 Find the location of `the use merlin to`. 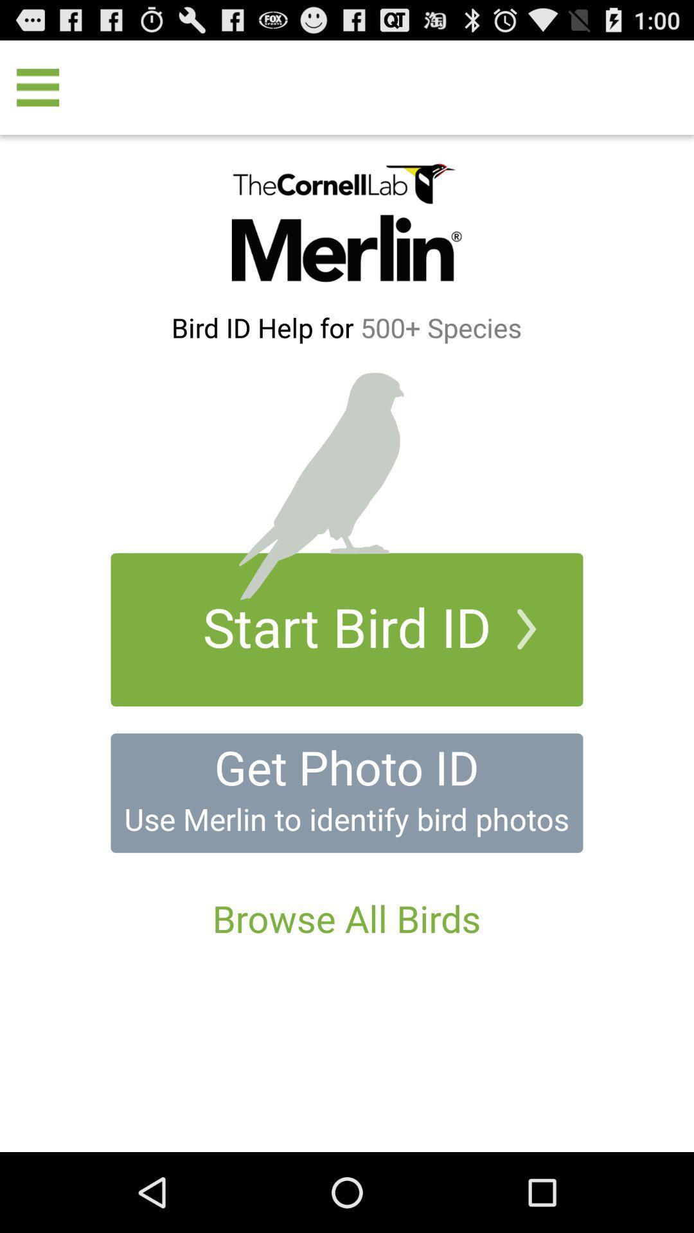

the use merlin to is located at coordinates (346, 818).